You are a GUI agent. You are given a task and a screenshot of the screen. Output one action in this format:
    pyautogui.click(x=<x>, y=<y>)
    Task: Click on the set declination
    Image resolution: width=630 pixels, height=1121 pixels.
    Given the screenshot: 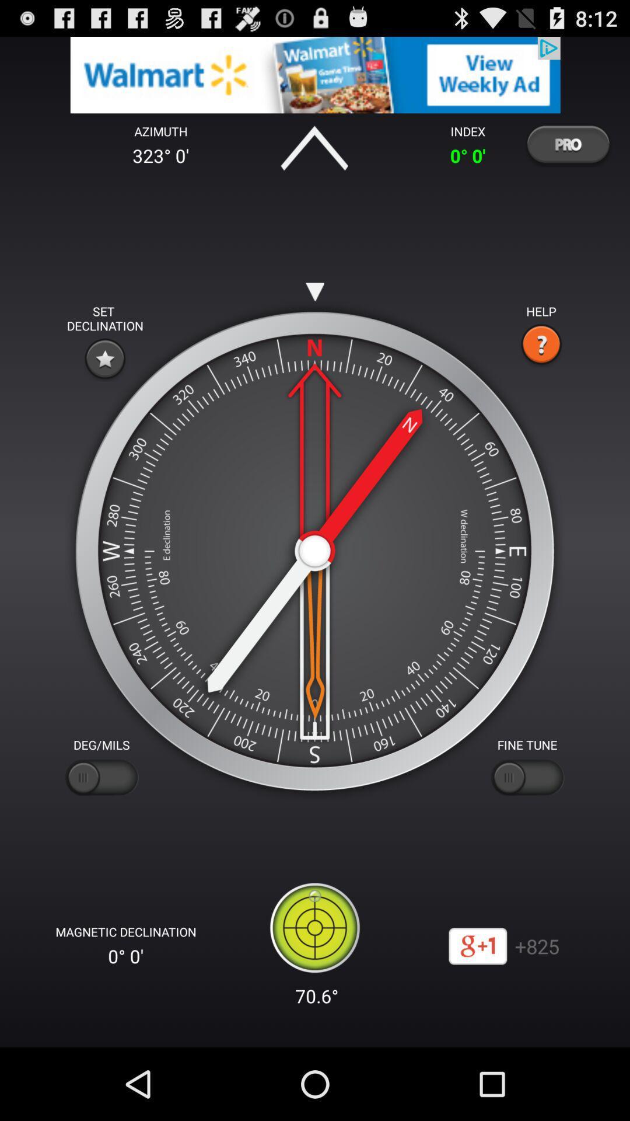 What is the action you would take?
    pyautogui.click(x=105, y=358)
    